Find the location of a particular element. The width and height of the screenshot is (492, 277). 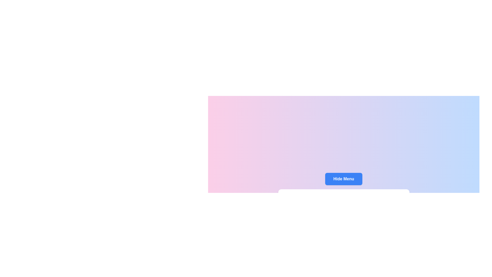

the 'Hide Menu' button to toggle the visibility of the menu is located at coordinates (344, 179).